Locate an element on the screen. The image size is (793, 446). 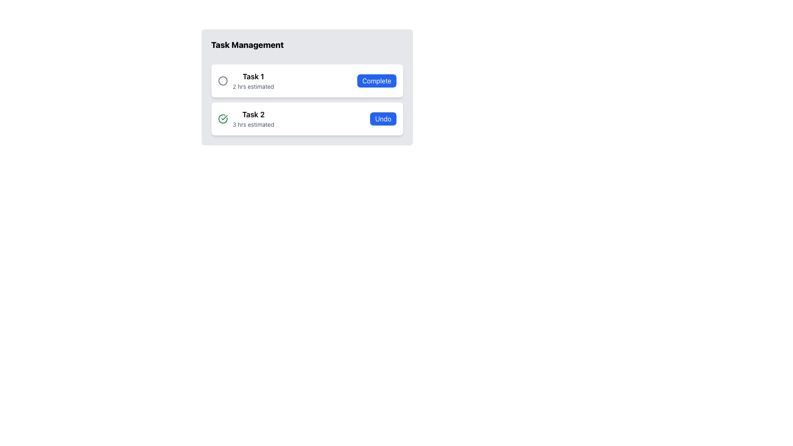
the Text Label indicating the task title and estimated completion time in the Task Management section, specifically the top task item is located at coordinates (253, 81).